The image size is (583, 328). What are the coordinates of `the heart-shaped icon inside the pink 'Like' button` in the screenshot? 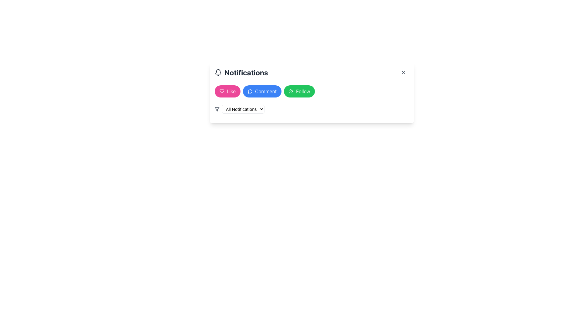 It's located at (221, 91).